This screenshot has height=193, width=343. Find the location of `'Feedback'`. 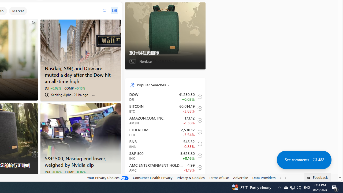

'Feedback' is located at coordinates (318, 177).